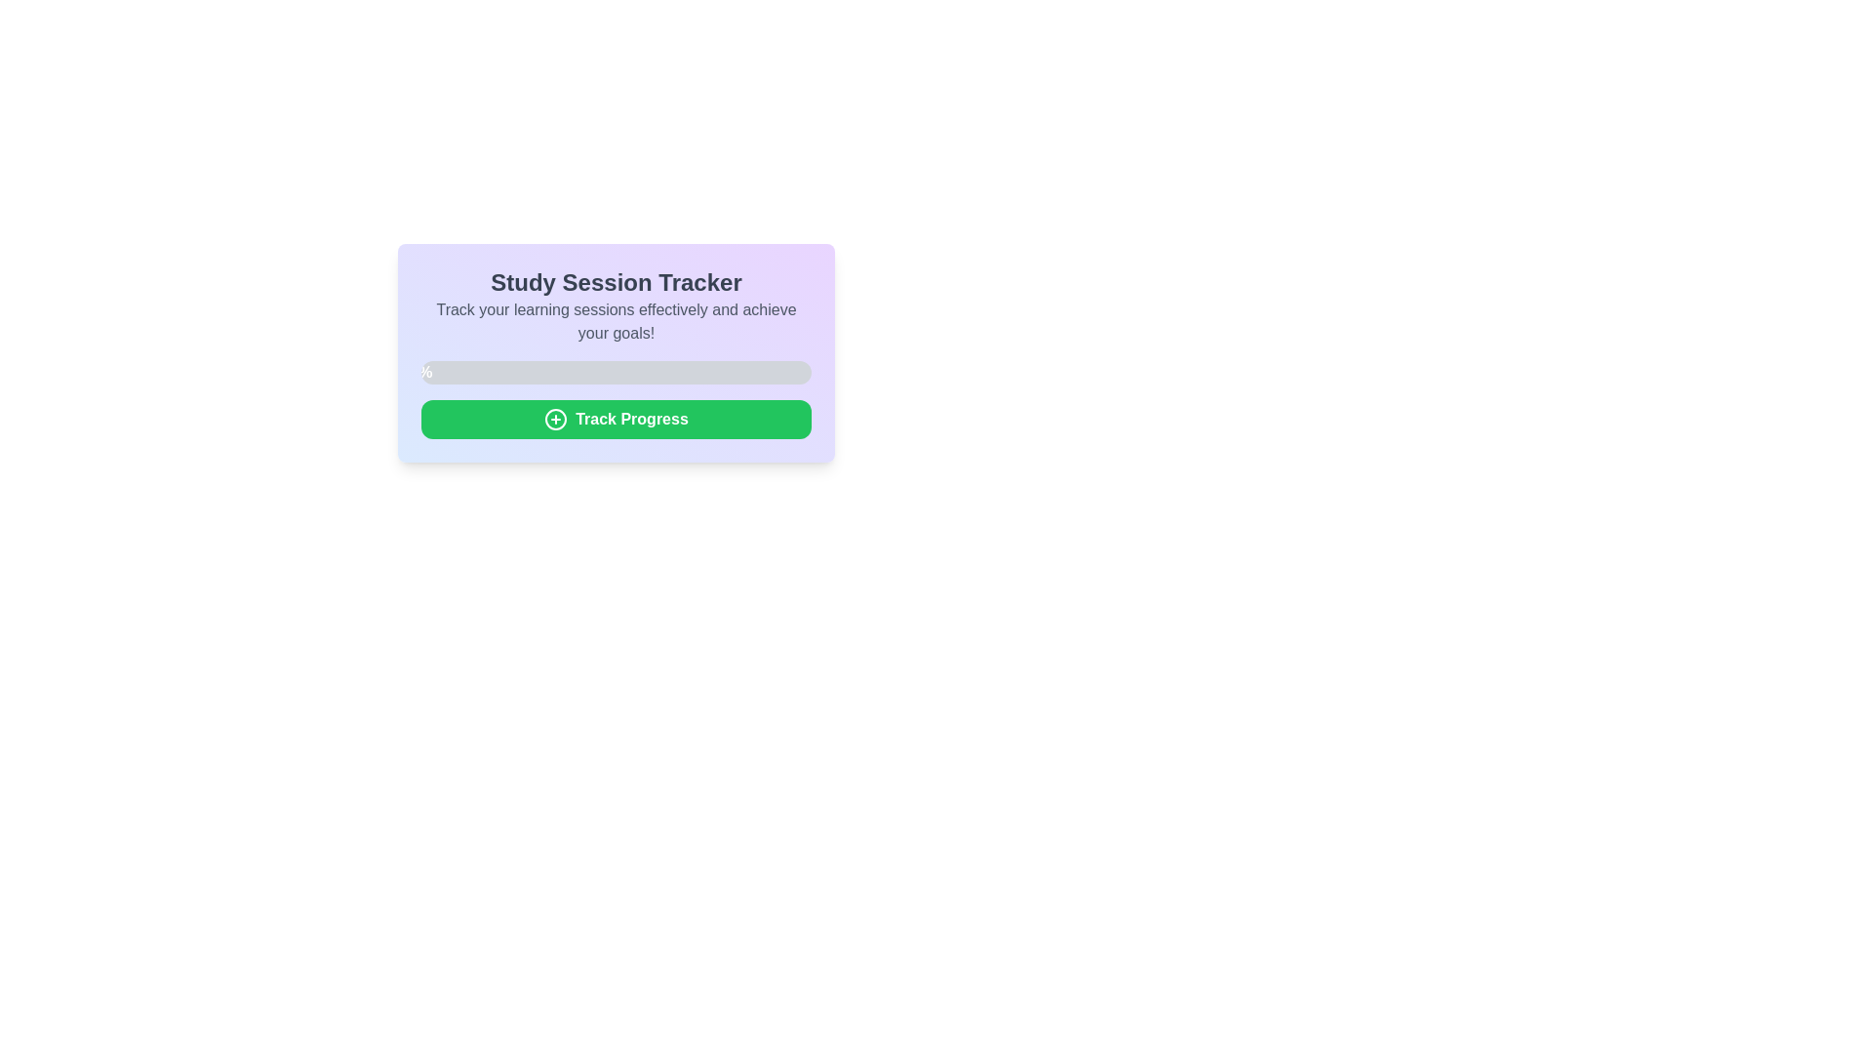 Image resolution: width=1873 pixels, height=1054 pixels. I want to click on the circular part of the '+' icon located at the center of the green 'Track Progress' button in the 'Study Session Tracker' interface, so click(555, 418).